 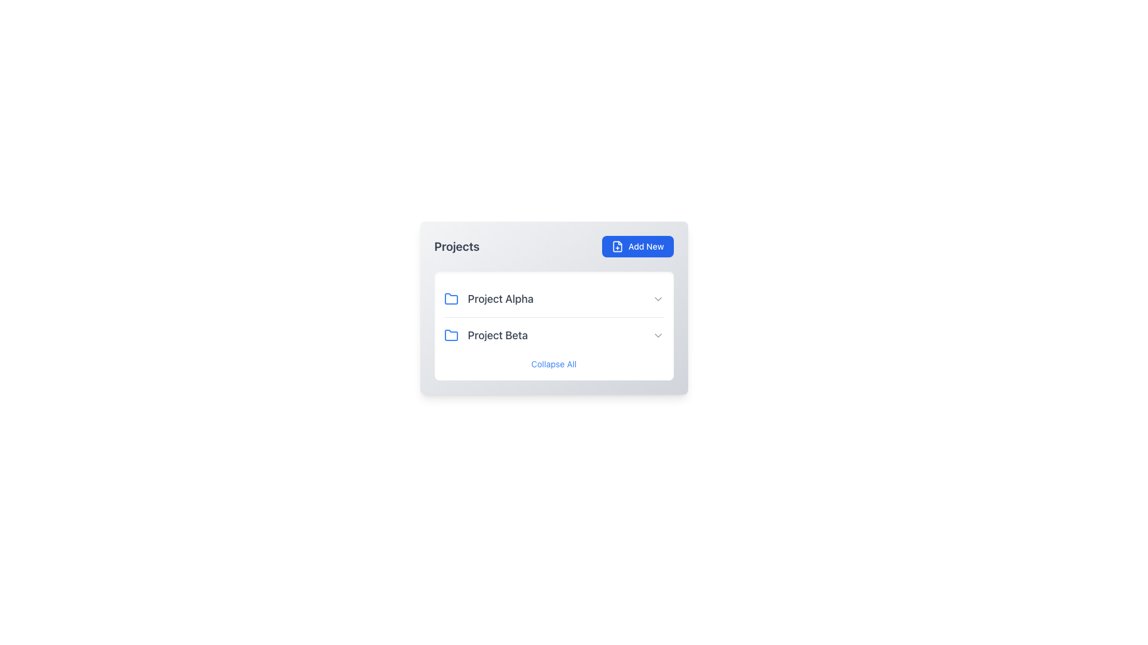 What do you see at coordinates (553, 363) in the screenshot?
I see `the 'Collapse All' interactive link text which is styled in blue and shows an underline effect on hover, located at the bottom of the 'Projects' section` at bounding box center [553, 363].